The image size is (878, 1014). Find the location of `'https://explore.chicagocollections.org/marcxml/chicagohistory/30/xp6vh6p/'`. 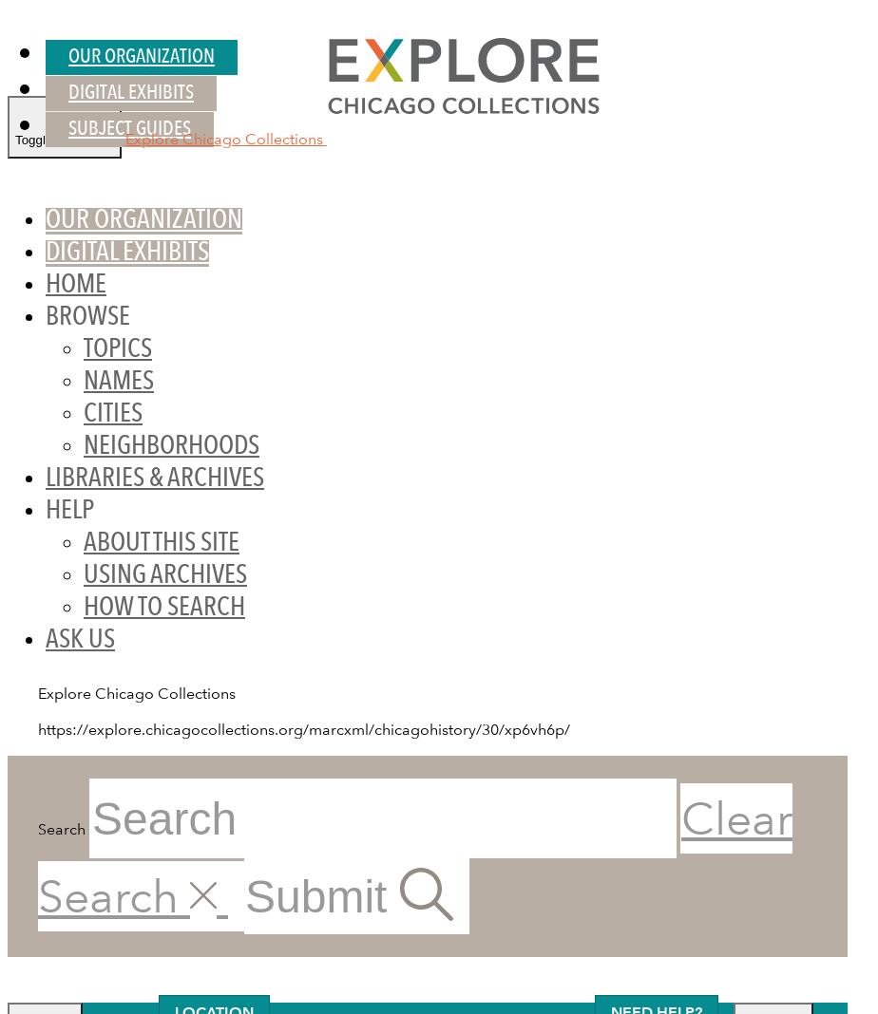

'https://explore.chicagocollections.org/marcxml/chicagohistory/30/xp6vh6p/' is located at coordinates (303, 729).